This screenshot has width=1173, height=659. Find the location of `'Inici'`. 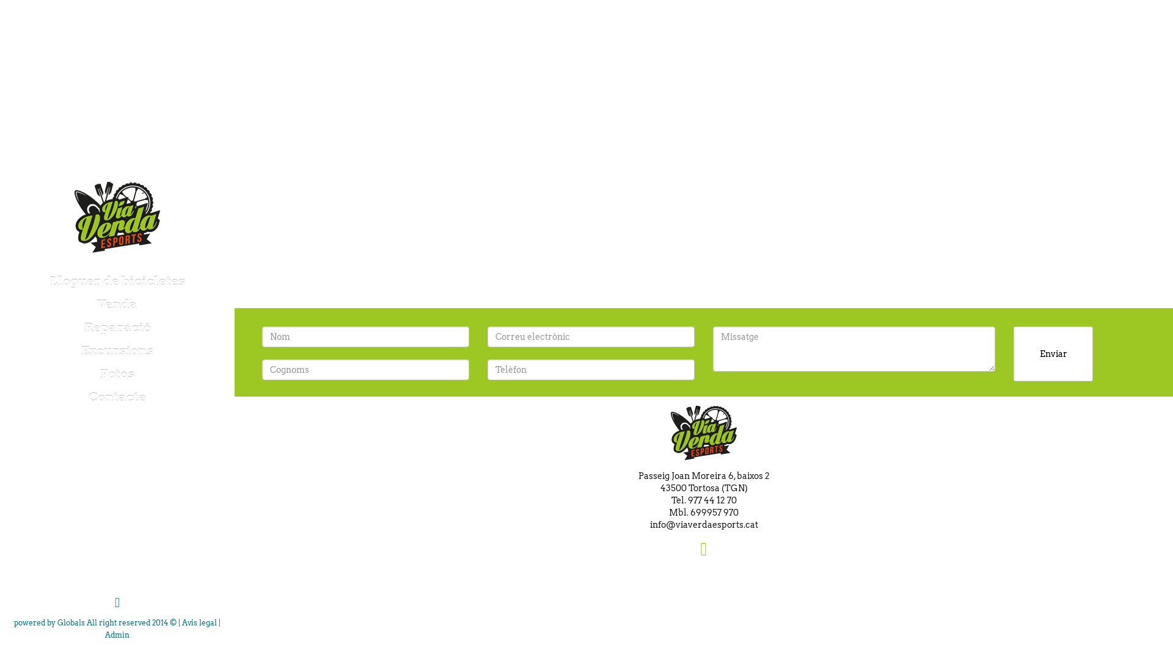

'Inici' is located at coordinates (117, 216).